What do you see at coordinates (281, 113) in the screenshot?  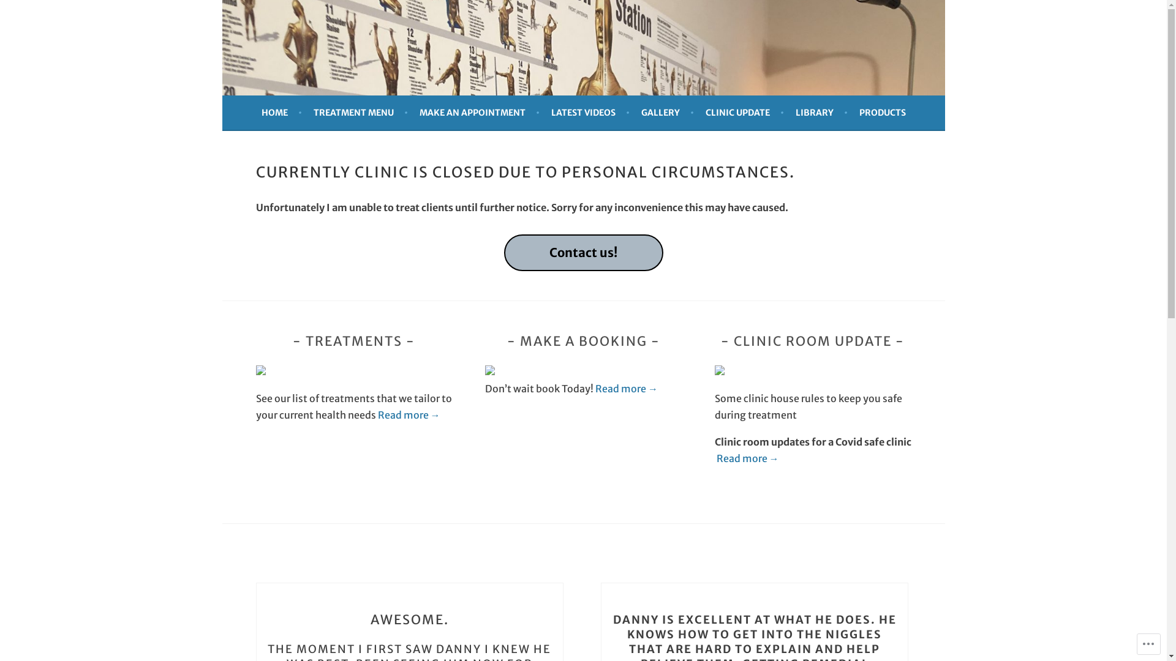 I see `'HOME'` at bounding box center [281, 113].